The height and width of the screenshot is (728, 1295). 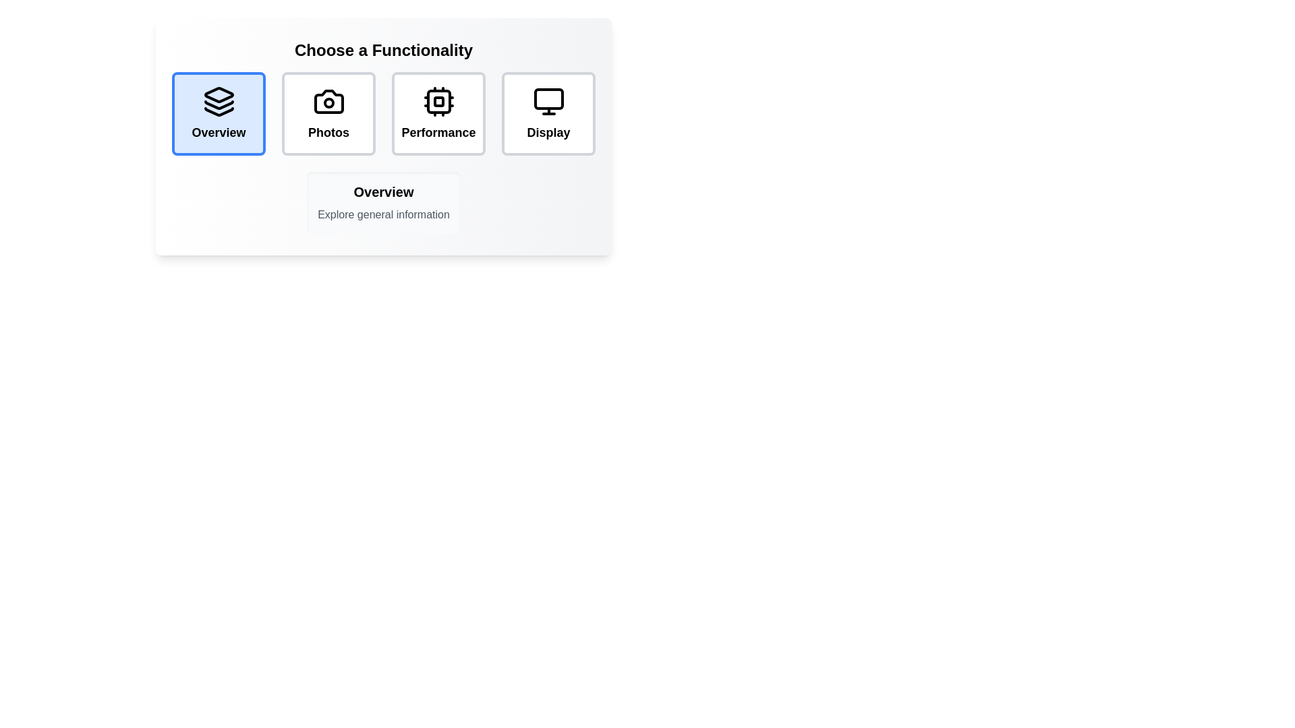 What do you see at coordinates (548, 113) in the screenshot?
I see `the 'Display' button, which is a rectangular button with a monitor icon above the text, located on the far right of a grid layout of buttons` at bounding box center [548, 113].